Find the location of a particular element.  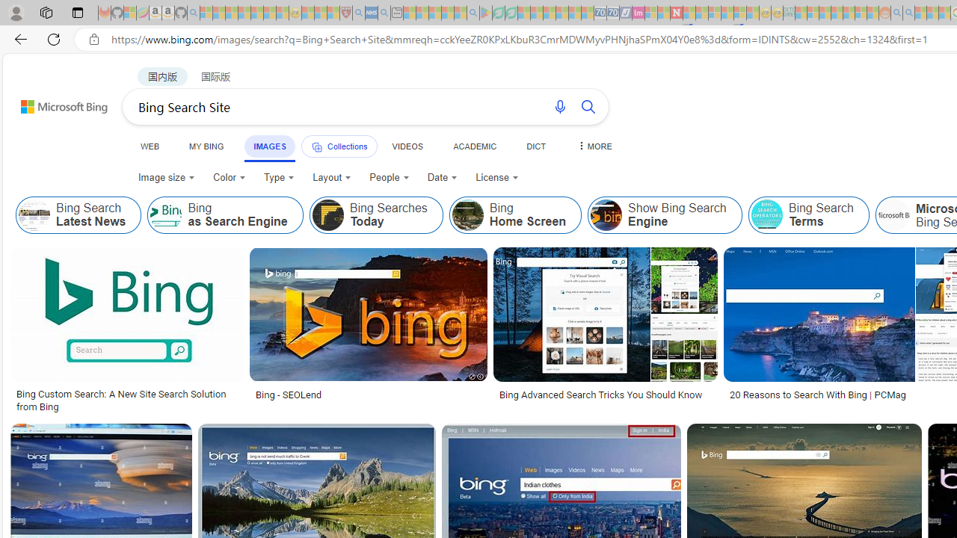

'Bing as Search Engine' is located at coordinates (224, 215).